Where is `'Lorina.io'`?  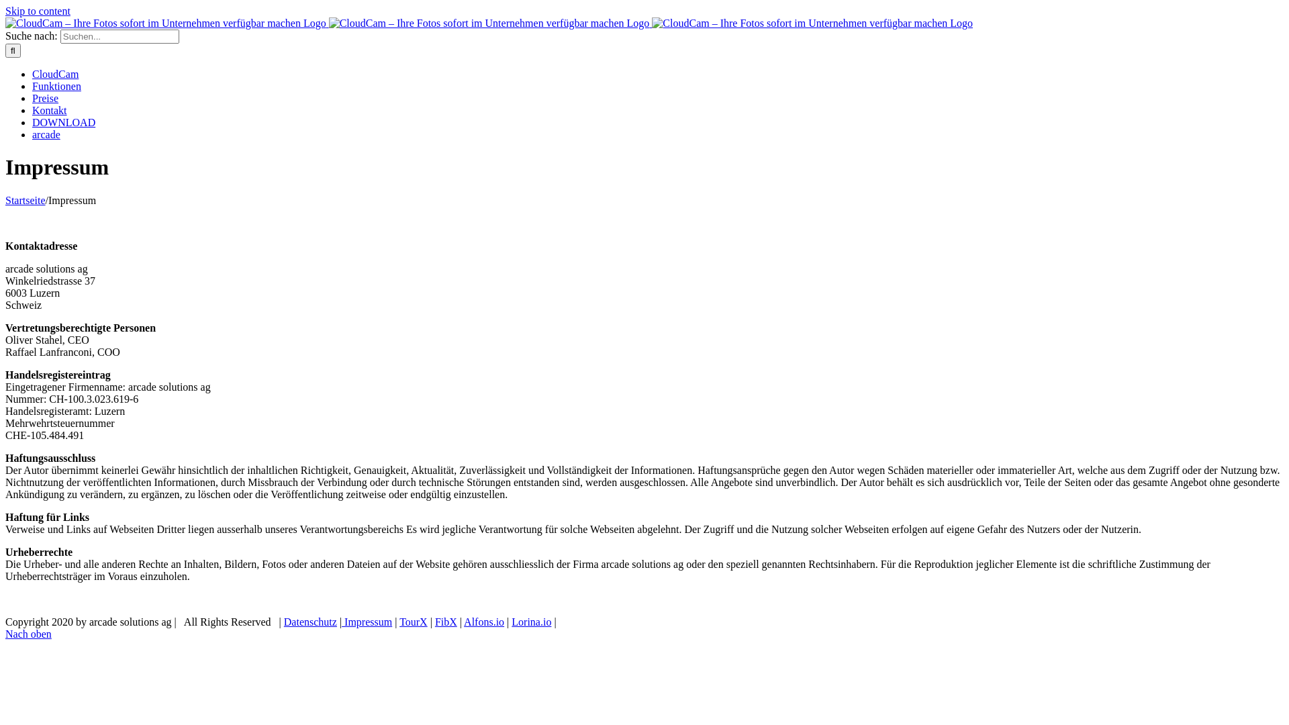
'Lorina.io' is located at coordinates (530, 622).